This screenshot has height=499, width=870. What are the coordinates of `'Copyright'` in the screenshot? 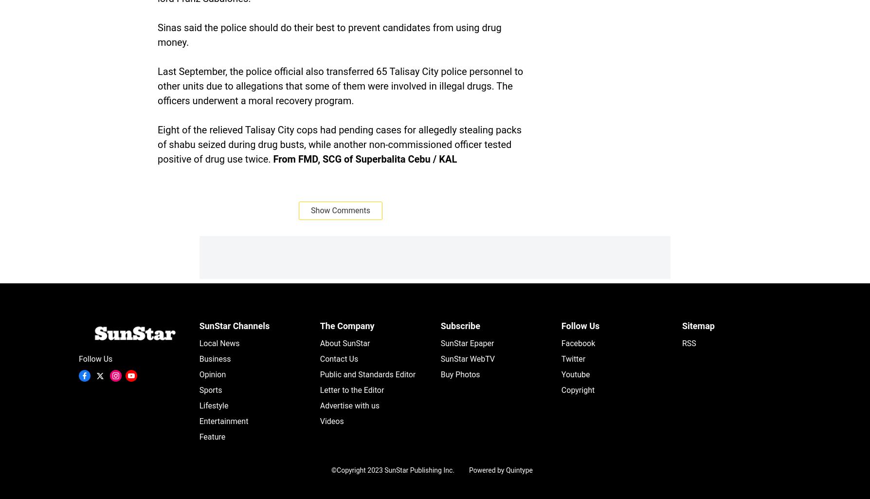 It's located at (577, 389).